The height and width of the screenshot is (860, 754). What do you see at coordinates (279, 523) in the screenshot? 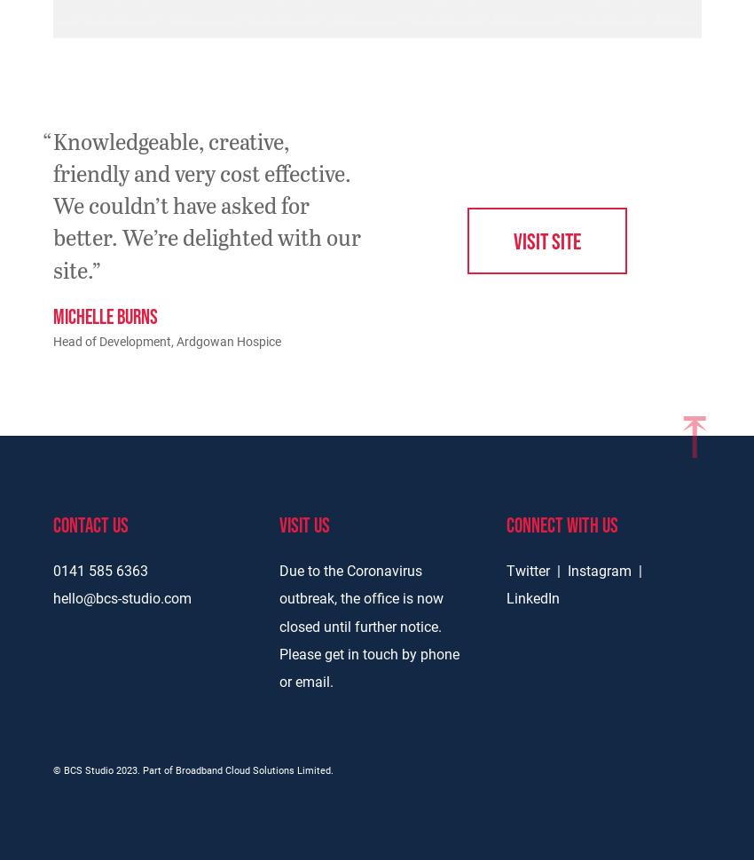
I see `'Visit Us'` at bounding box center [279, 523].